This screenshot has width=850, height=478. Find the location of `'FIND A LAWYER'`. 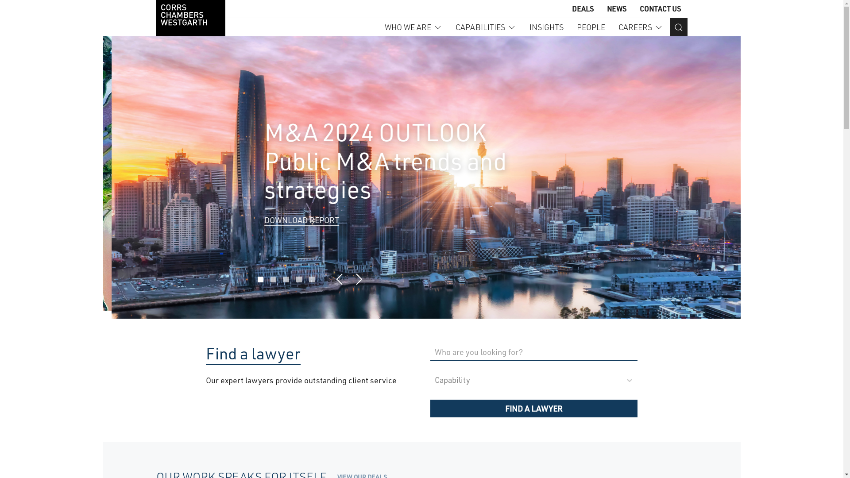

'FIND A LAWYER' is located at coordinates (430, 408).